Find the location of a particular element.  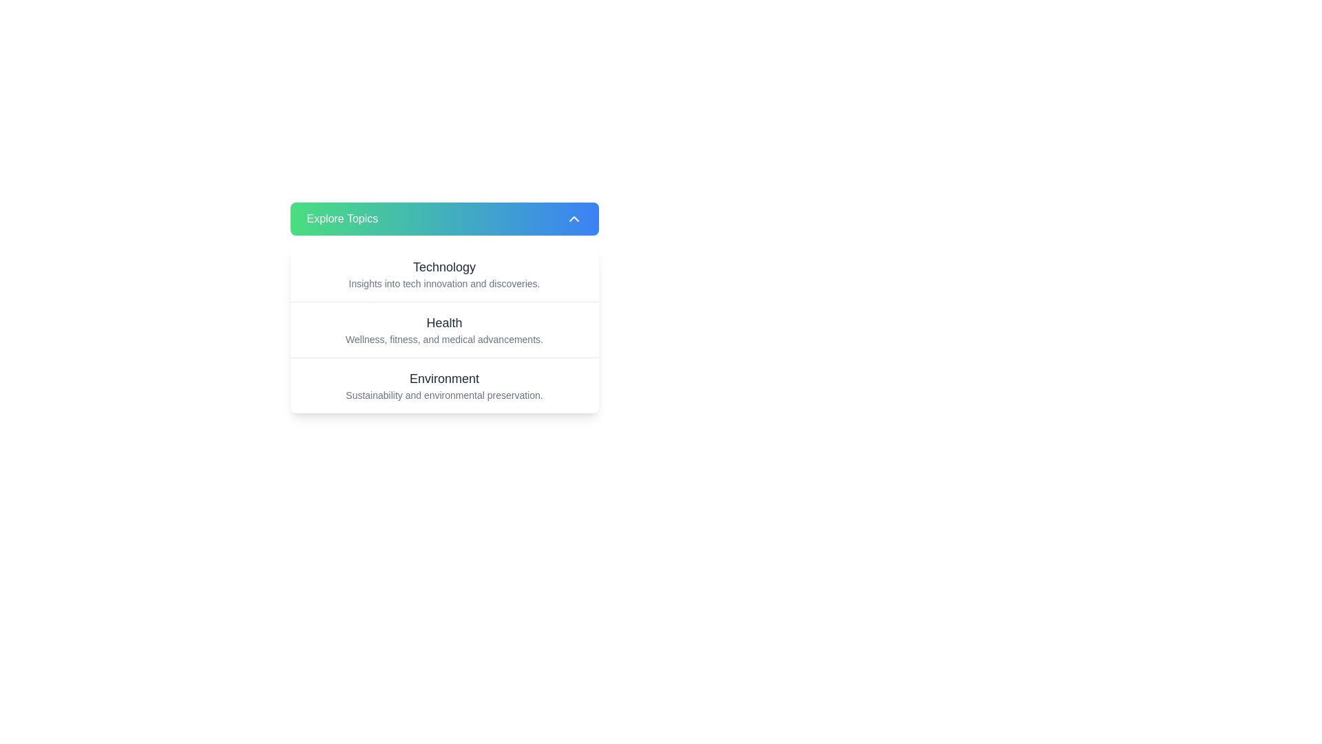

text label displaying 'Environment', which is a bold, large font styled in dark gray, positioned above a description about 'Sustainability and environmental preservation' is located at coordinates (444, 379).